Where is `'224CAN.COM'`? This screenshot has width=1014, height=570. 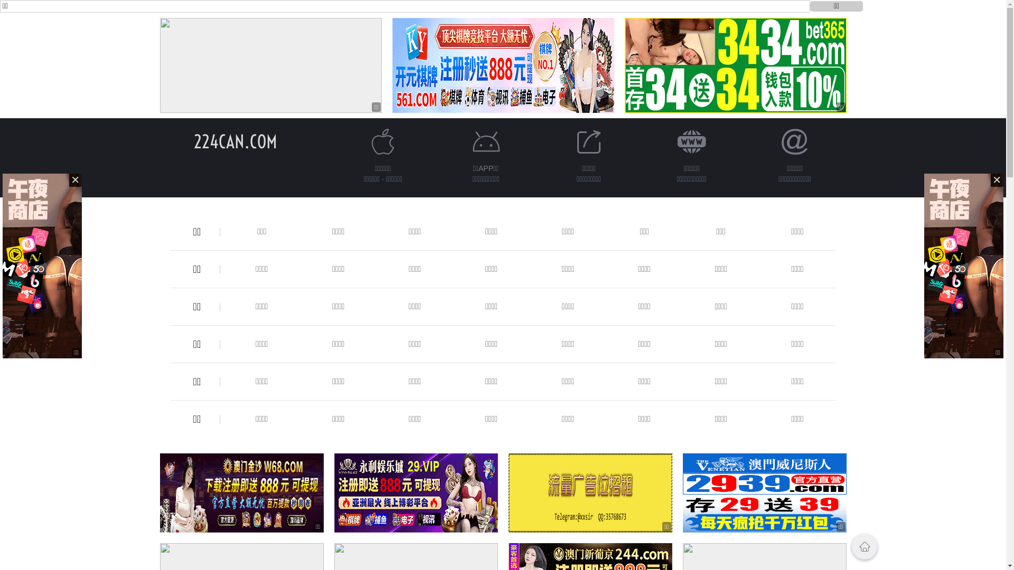
'224CAN.COM' is located at coordinates (234, 141).